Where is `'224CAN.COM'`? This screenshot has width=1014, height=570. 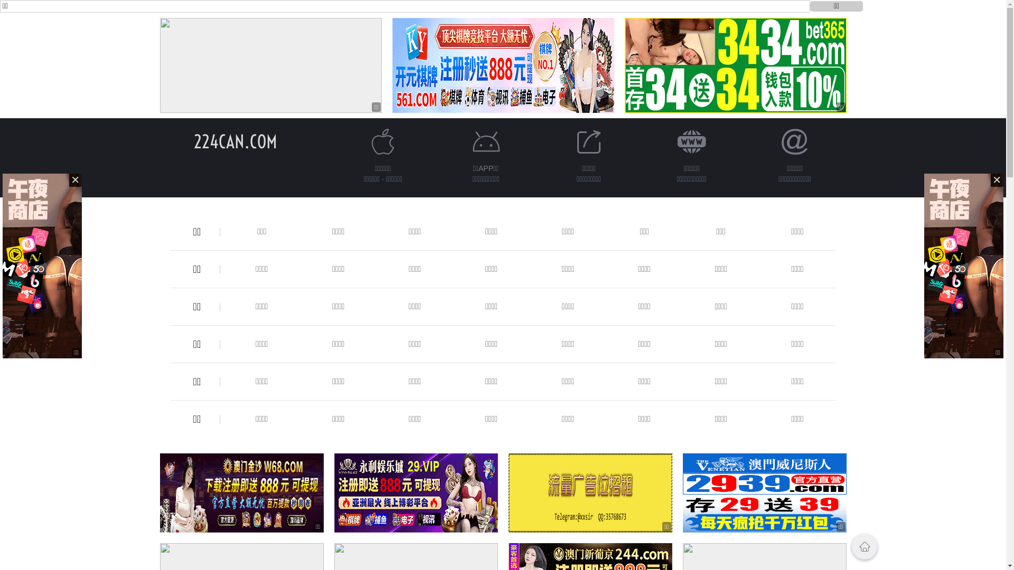
'224CAN.COM' is located at coordinates (234, 141).